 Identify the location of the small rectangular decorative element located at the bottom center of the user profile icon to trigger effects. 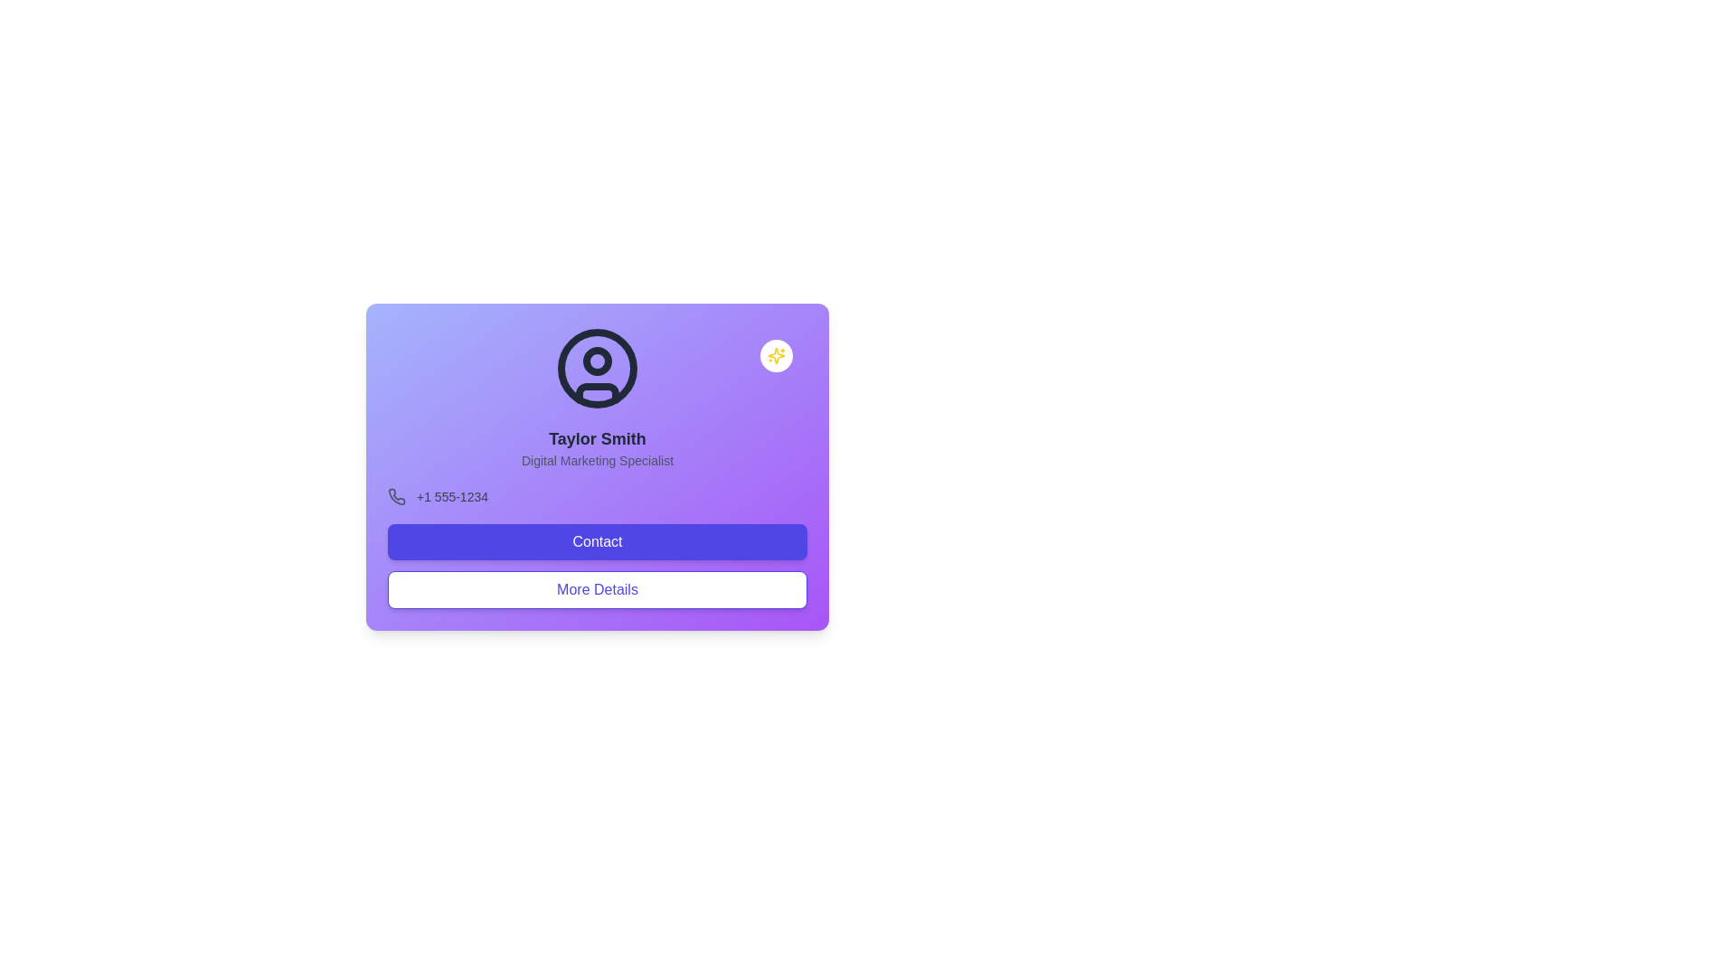
(598, 392).